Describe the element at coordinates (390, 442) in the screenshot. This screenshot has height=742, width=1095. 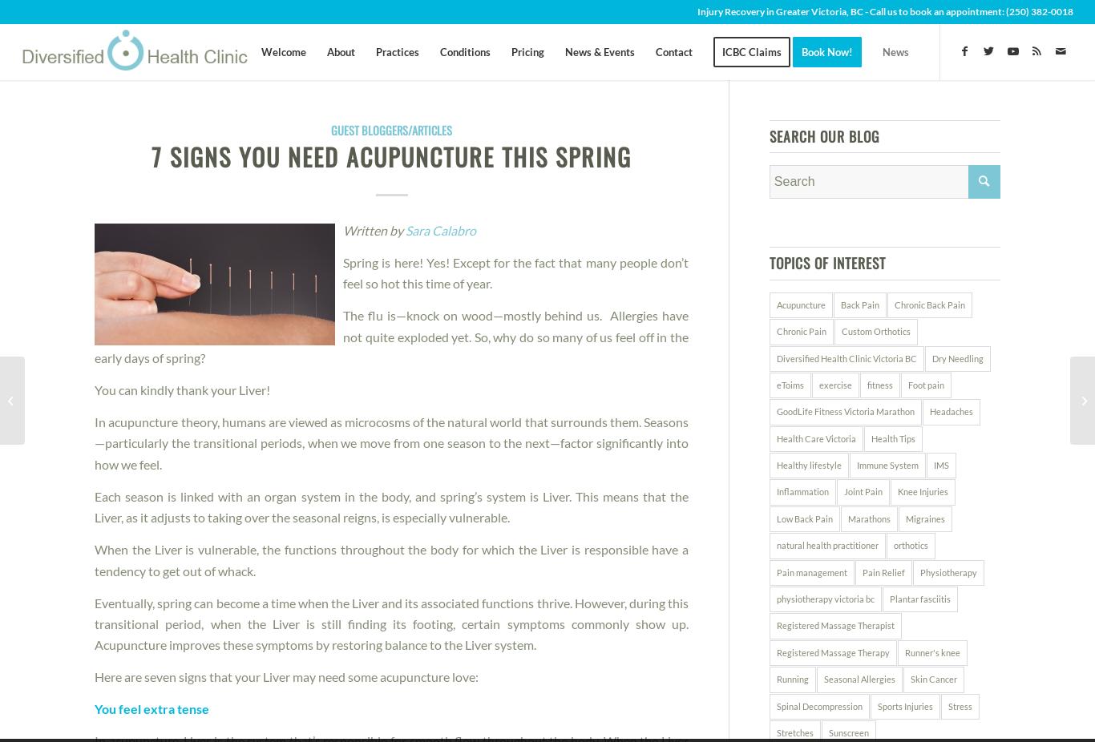
I see `'In acupuncture theory, humans are viewed as microcosms of the natural world that surrounds them. Seasons—particularly the transitional periods, when we move from one season to the next—factor significantly into how we feel.'` at that location.